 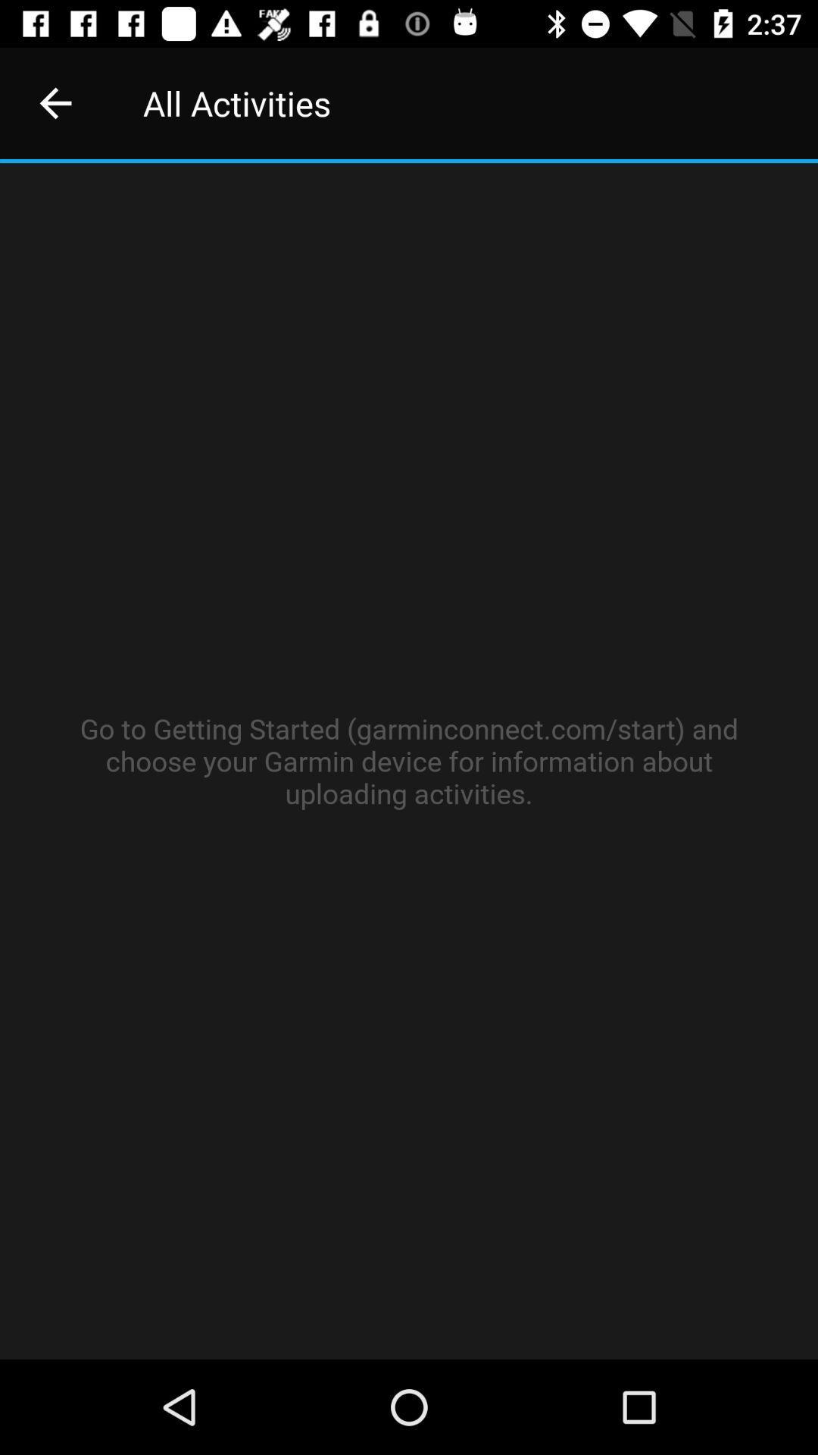 I want to click on item at the center, so click(x=409, y=761).